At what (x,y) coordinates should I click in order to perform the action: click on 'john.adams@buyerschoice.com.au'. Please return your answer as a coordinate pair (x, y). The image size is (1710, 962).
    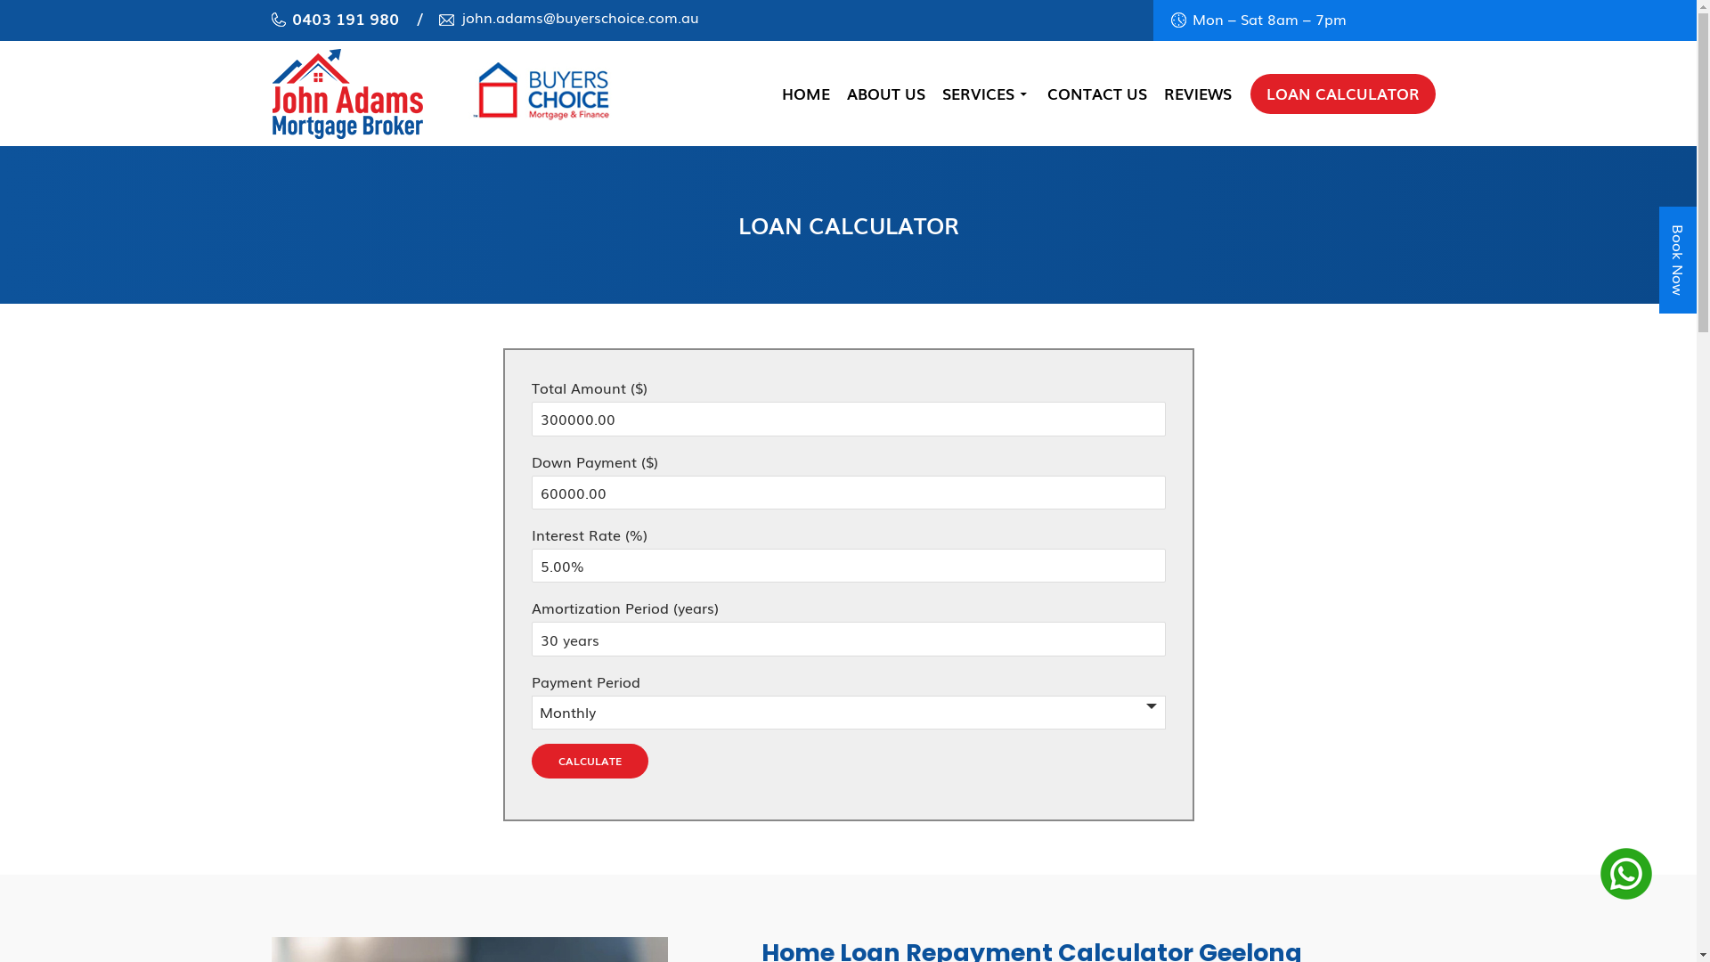
    Looking at the image, I should click on (567, 17).